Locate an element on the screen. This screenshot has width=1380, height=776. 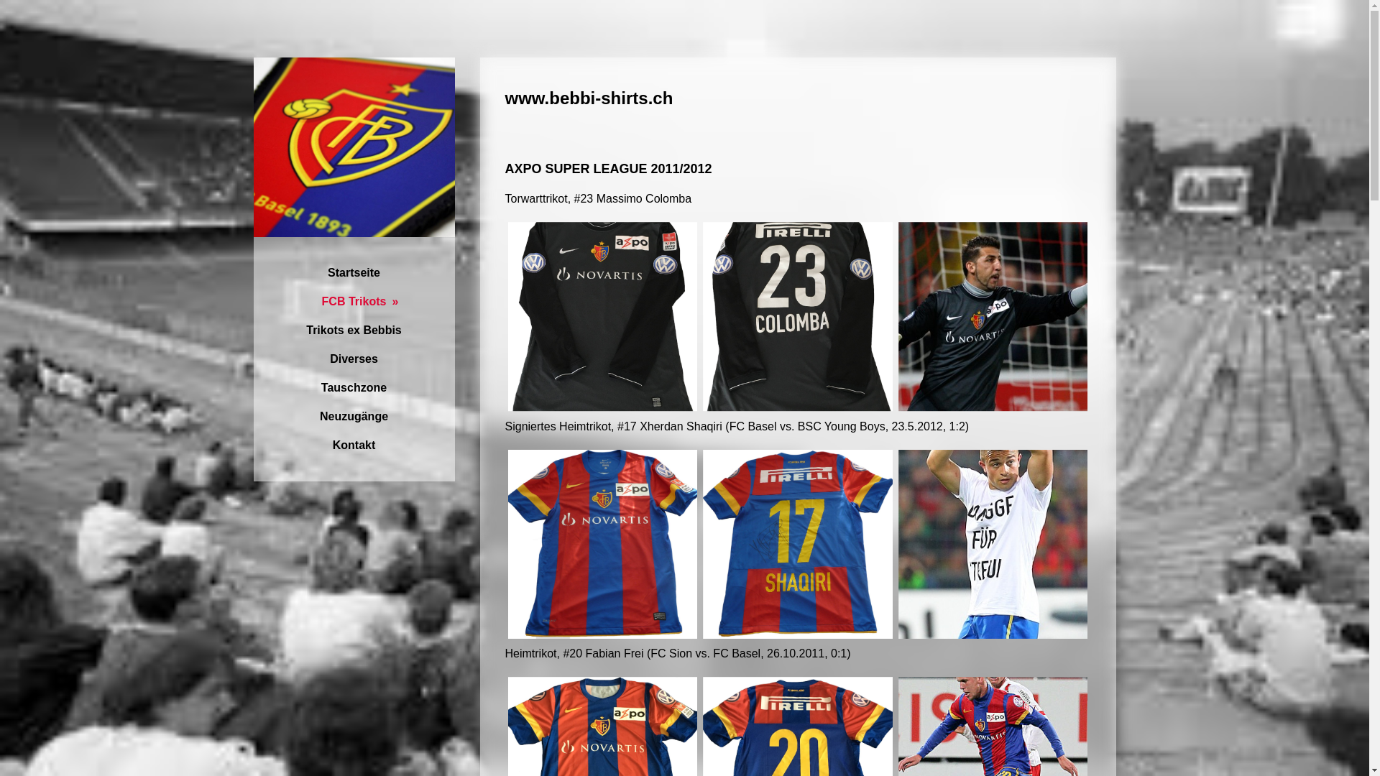
'Startseite' is located at coordinates (353, 273).